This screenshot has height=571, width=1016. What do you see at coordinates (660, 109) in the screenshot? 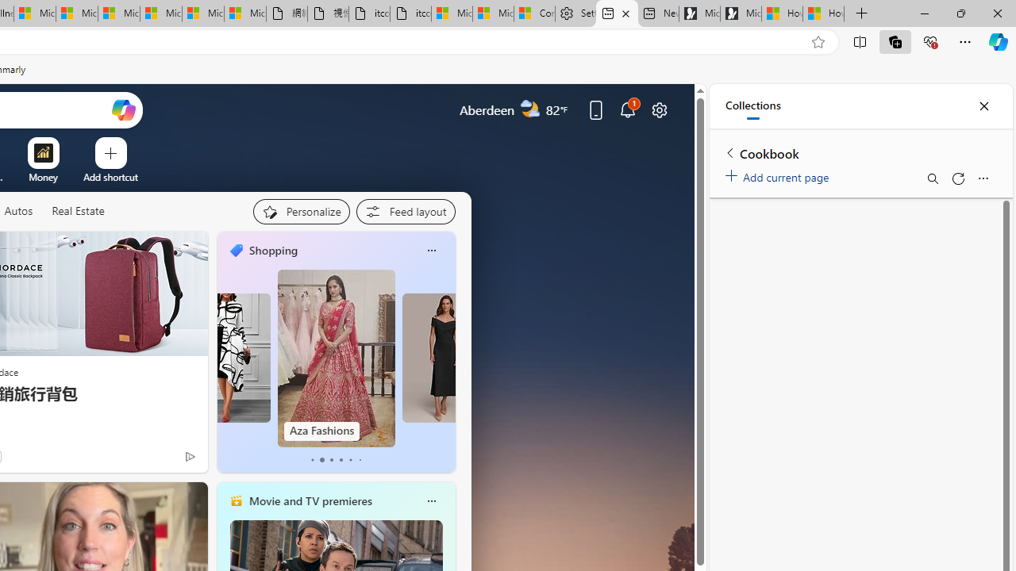
I see `'Page settings'` at bounding box center [660, 109].